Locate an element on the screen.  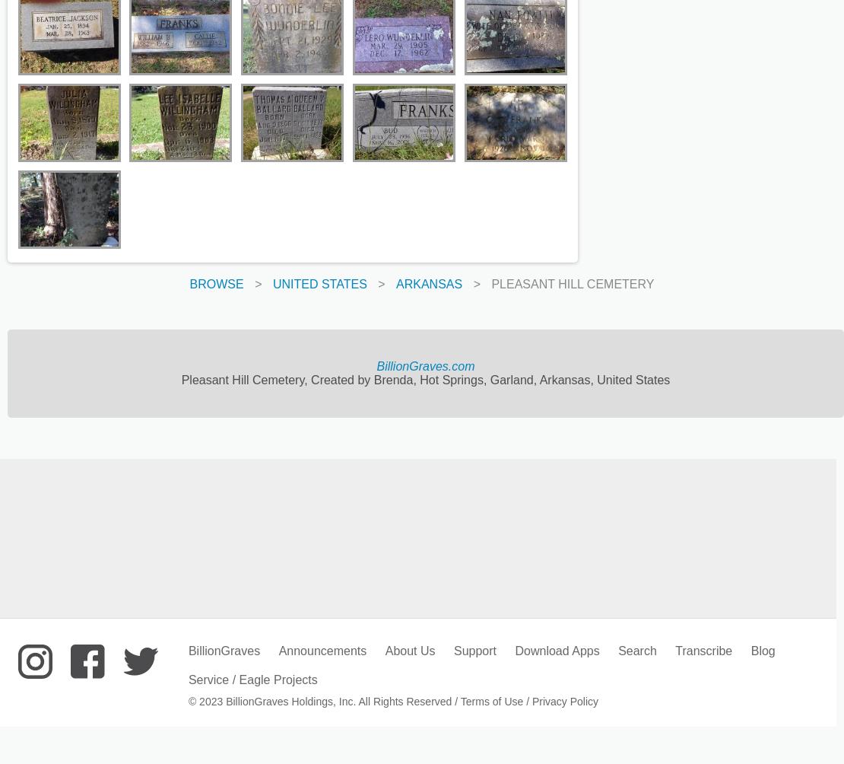
'Privacy Policy' is located at coordinates (564, 700).